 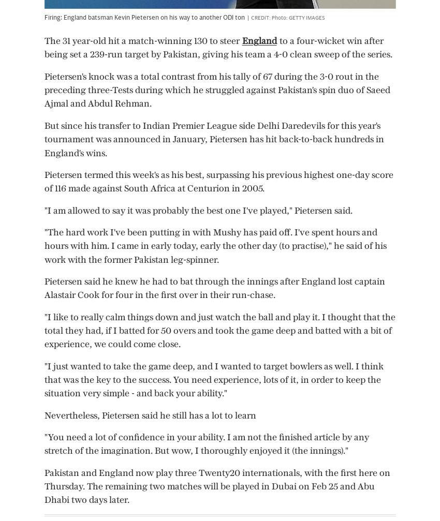 I want to click on 'Magician David Berglas dies aged 97', so click(x=152, y=137).